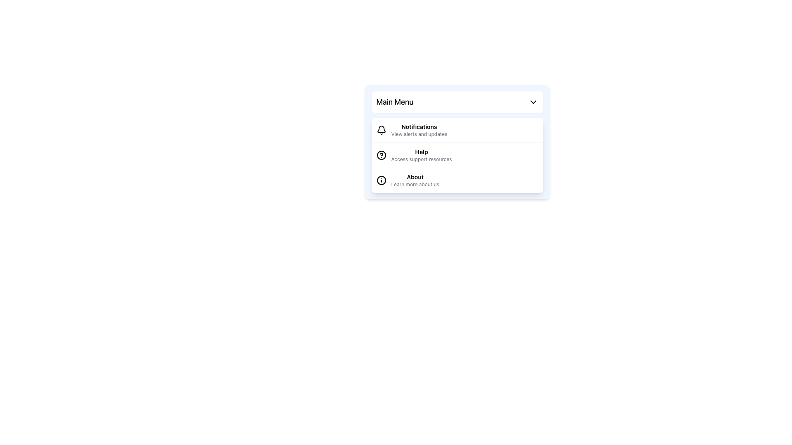 The image size is (792, 445). Describe the element at coordinates (422, 152) in the screenshot. I see `the 'Help' section text label, which is located in the second row of the menu list, below 'Notifications' and above 'About'` at that location.